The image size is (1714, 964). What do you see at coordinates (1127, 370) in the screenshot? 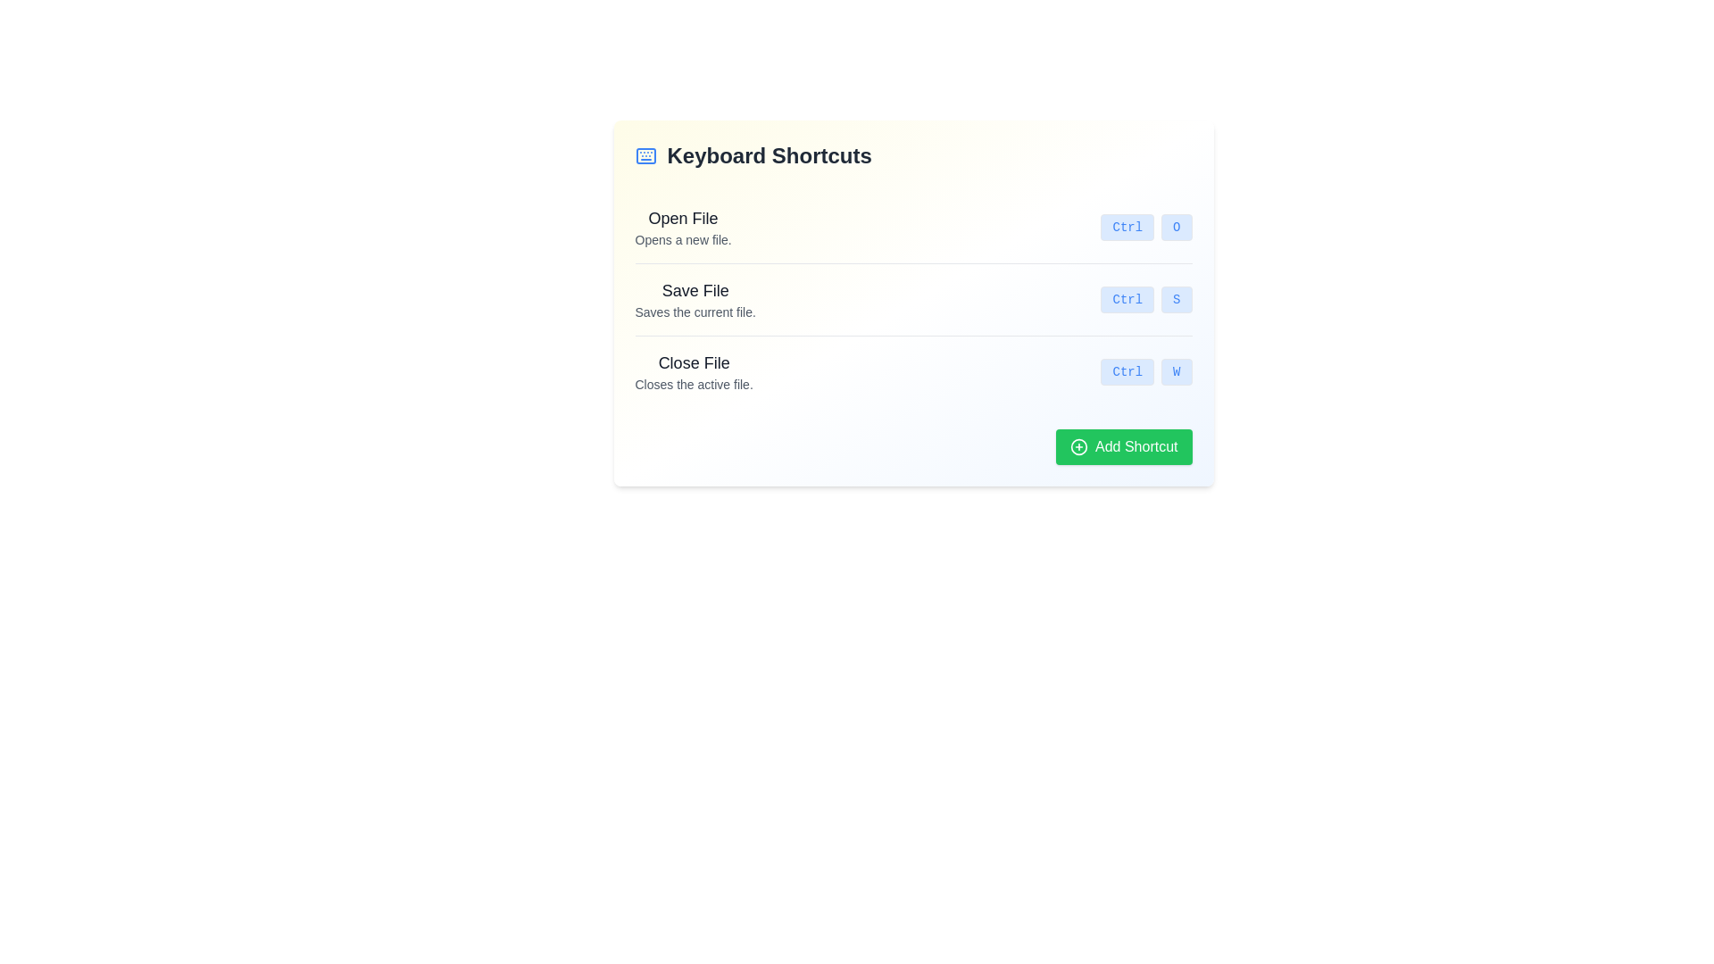
I see `the text and appearance of the 'Ctrl' key button-like label, which is the first button in the 'Close File' action section of the 'Keyboard Shortcuts'` at bounding box center [1127, 370].